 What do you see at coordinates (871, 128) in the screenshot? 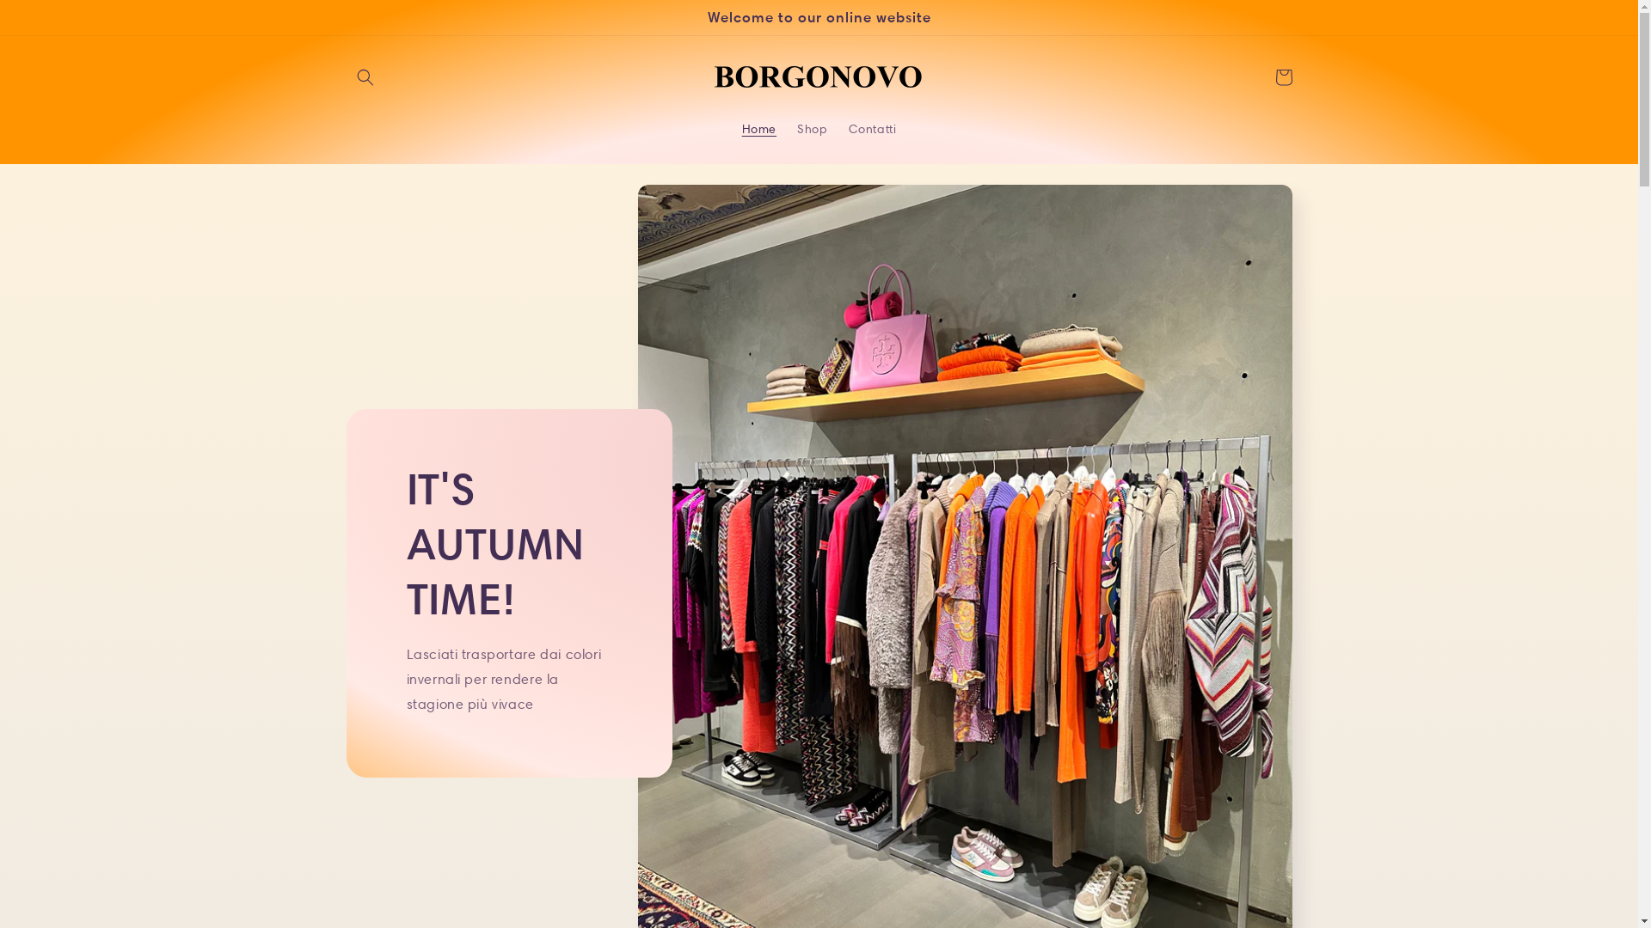
I see `'Contatti'` at bounding box center [871, 128].